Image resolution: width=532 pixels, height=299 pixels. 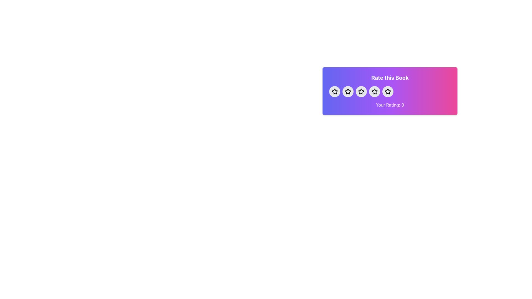 What do you see at coordinates (334, 91) in the screenshot?
I see `the first interactive button in the 'Rate this Book' section to assign a rating of one star` at bounding box center [334, 91].